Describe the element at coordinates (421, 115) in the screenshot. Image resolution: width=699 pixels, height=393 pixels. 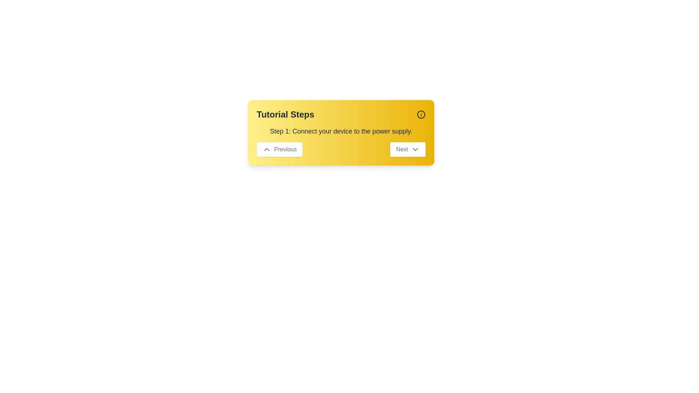
I see `the 'Info' icon to display additional details` at that location.